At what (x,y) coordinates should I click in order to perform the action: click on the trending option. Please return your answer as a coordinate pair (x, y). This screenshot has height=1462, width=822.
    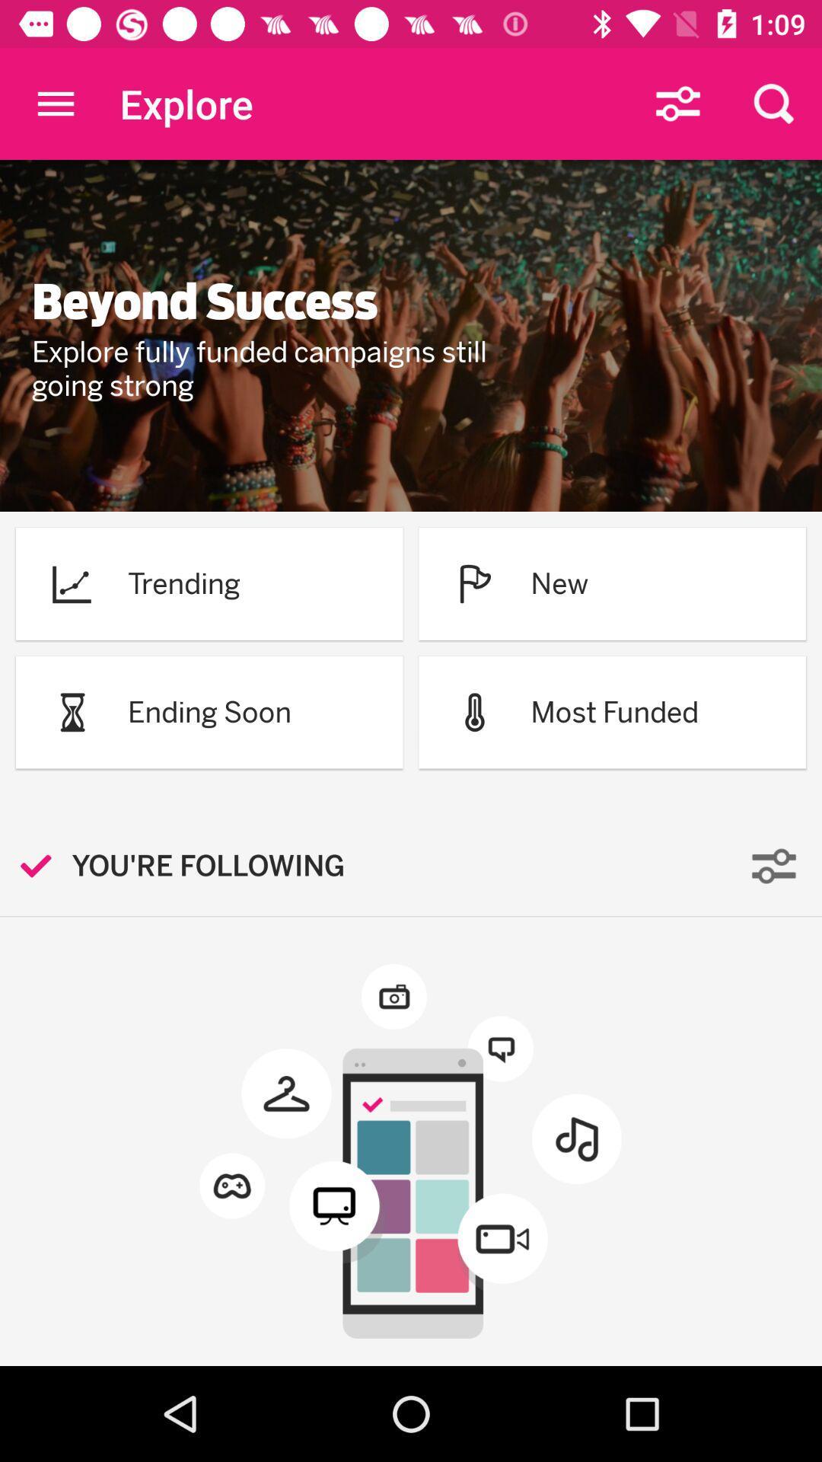
    Looking at the image, I should click on (209, 583).